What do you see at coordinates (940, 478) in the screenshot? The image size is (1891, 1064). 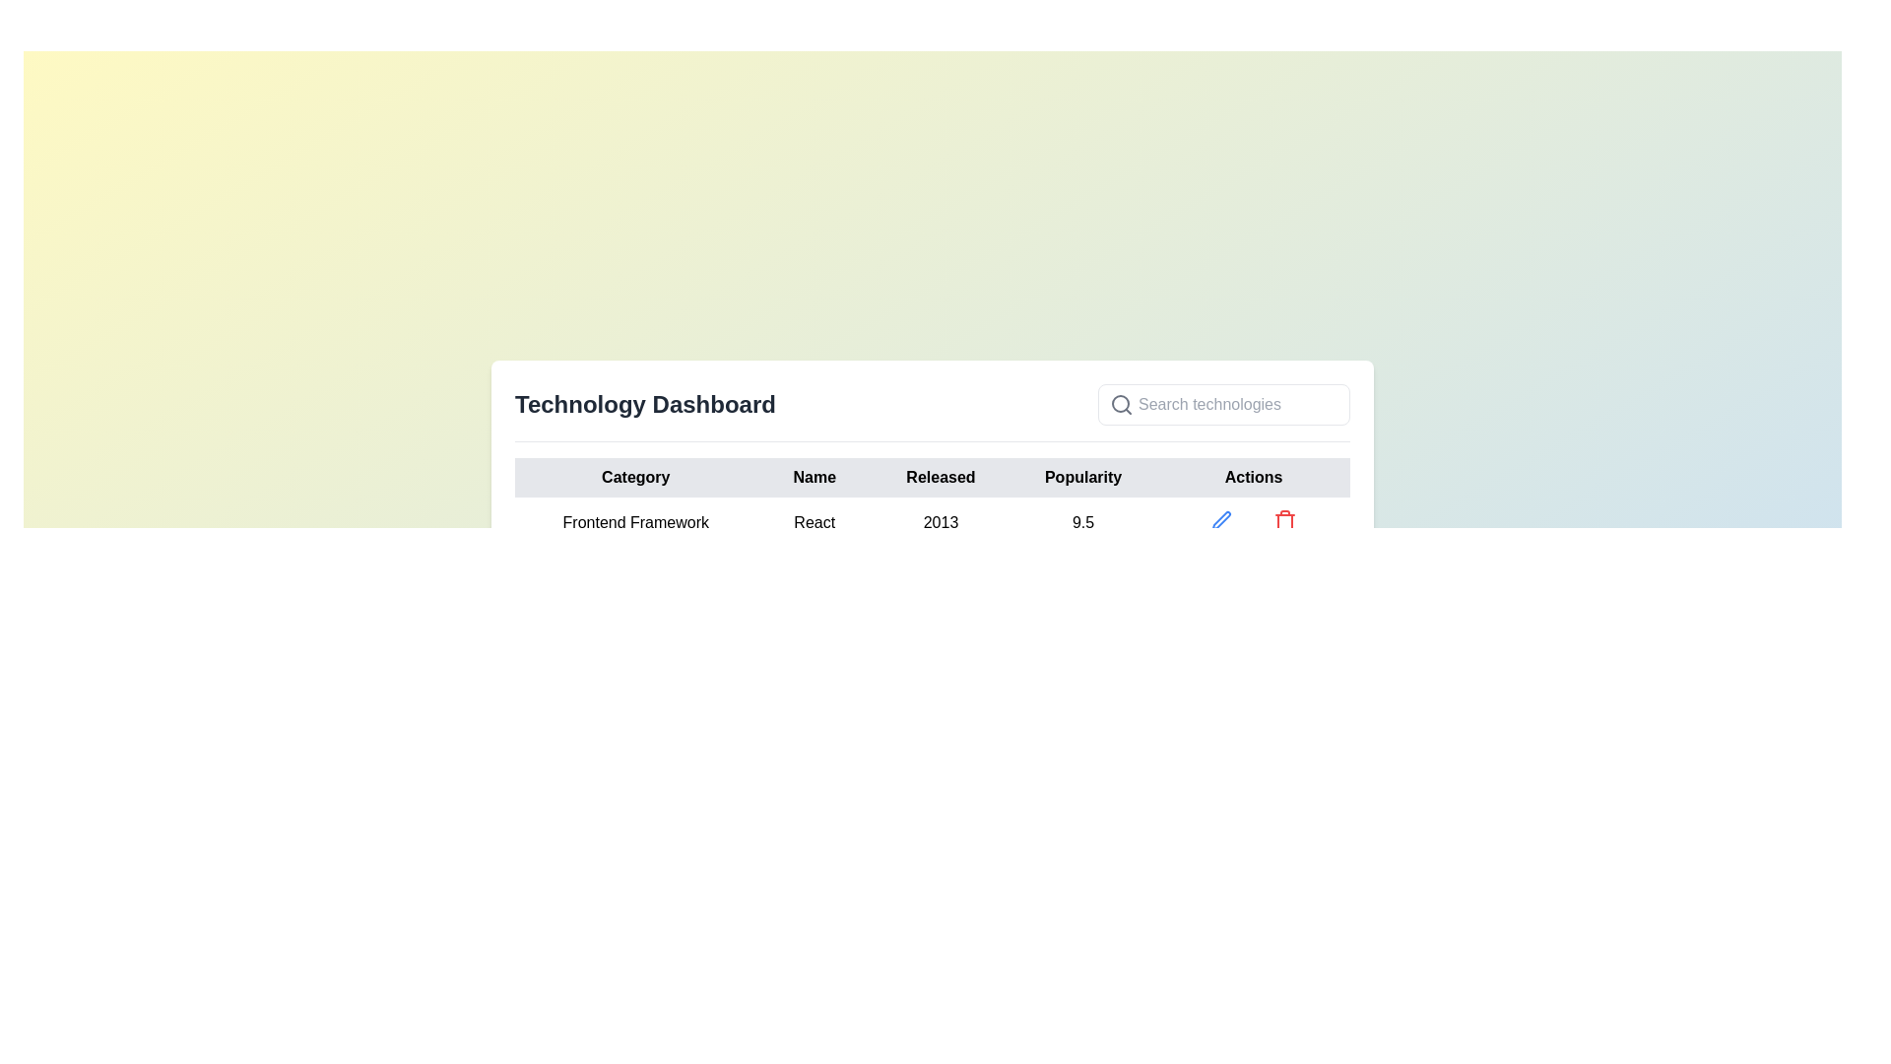 I see `the text label 'Released' which is the third column header in the tabular structure, styled with a gray background and centered in its column` at bounding box center [940, 478].